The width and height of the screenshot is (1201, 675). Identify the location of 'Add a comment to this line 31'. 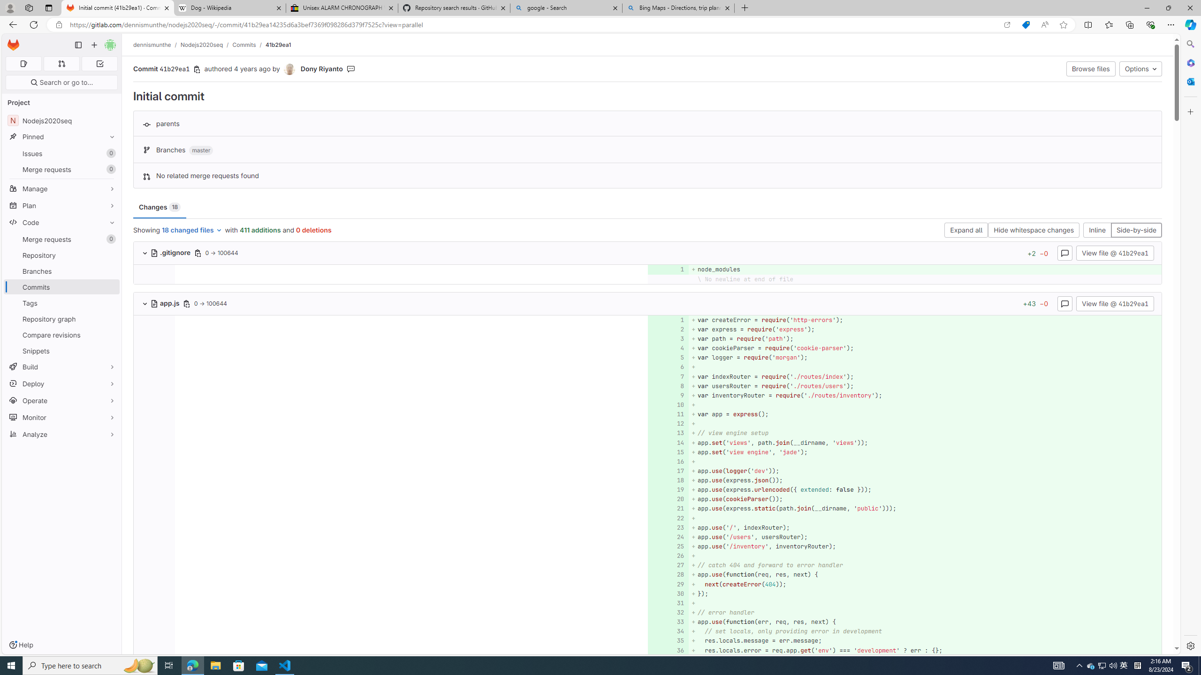
(668, 603).